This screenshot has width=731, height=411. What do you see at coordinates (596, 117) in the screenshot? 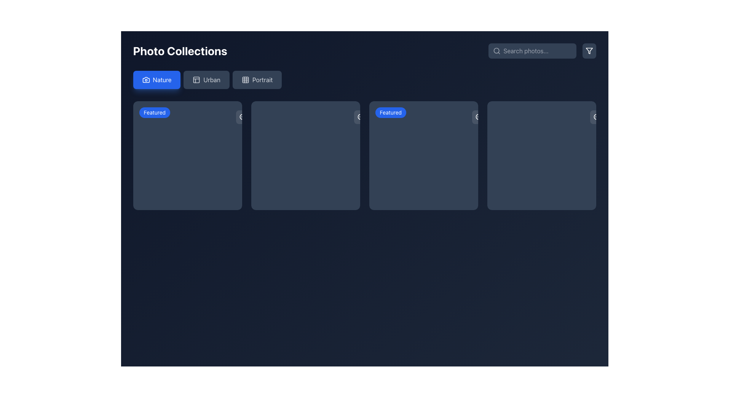
I see `the zoom-in button located at the top-right corner of the interface` at bounding box center [596, 117].